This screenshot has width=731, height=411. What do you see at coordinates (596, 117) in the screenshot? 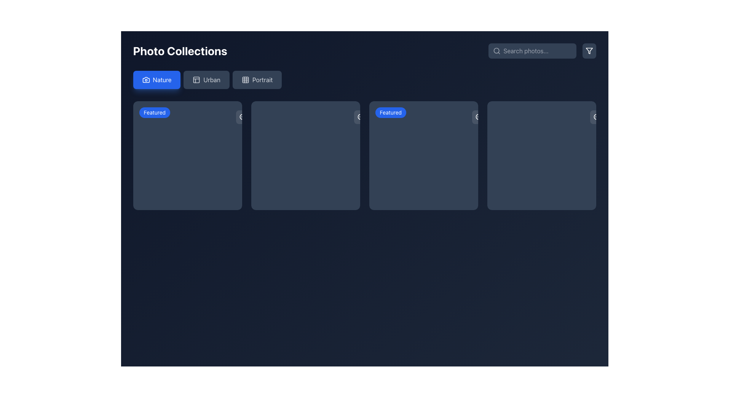
I see `the zoom-in button located at the top-right corner of the interface` at bounding box center [596, 117].